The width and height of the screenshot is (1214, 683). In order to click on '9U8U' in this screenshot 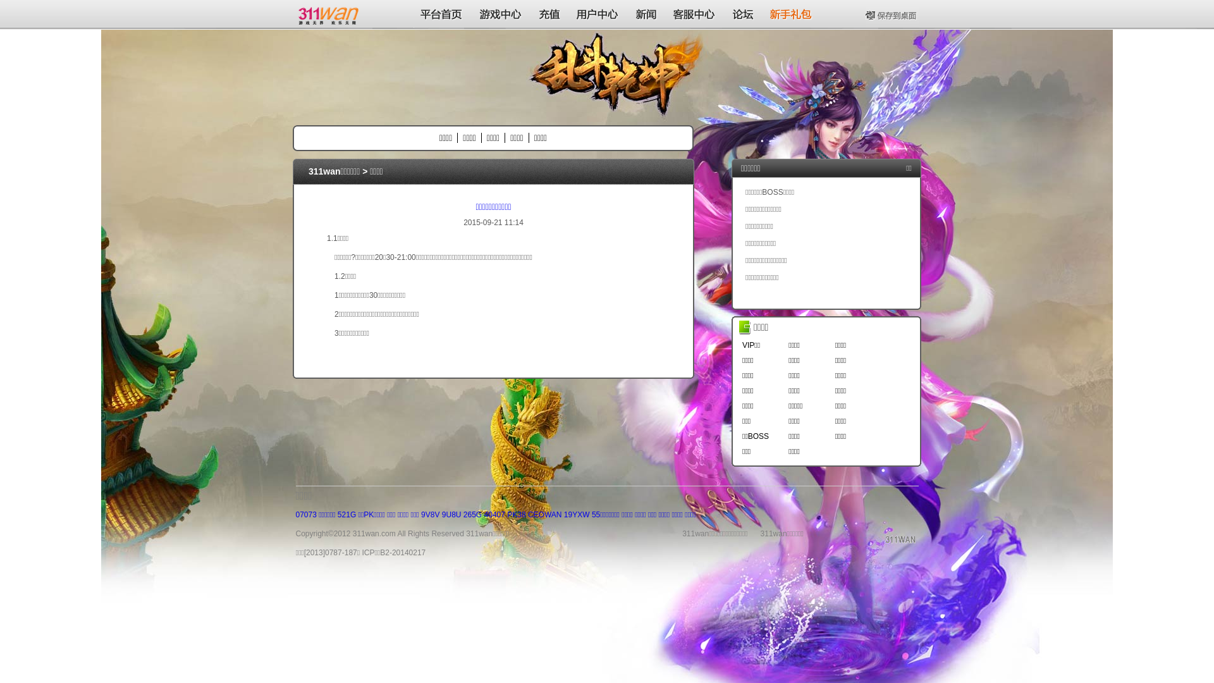, I will do `click(451, 514)`.